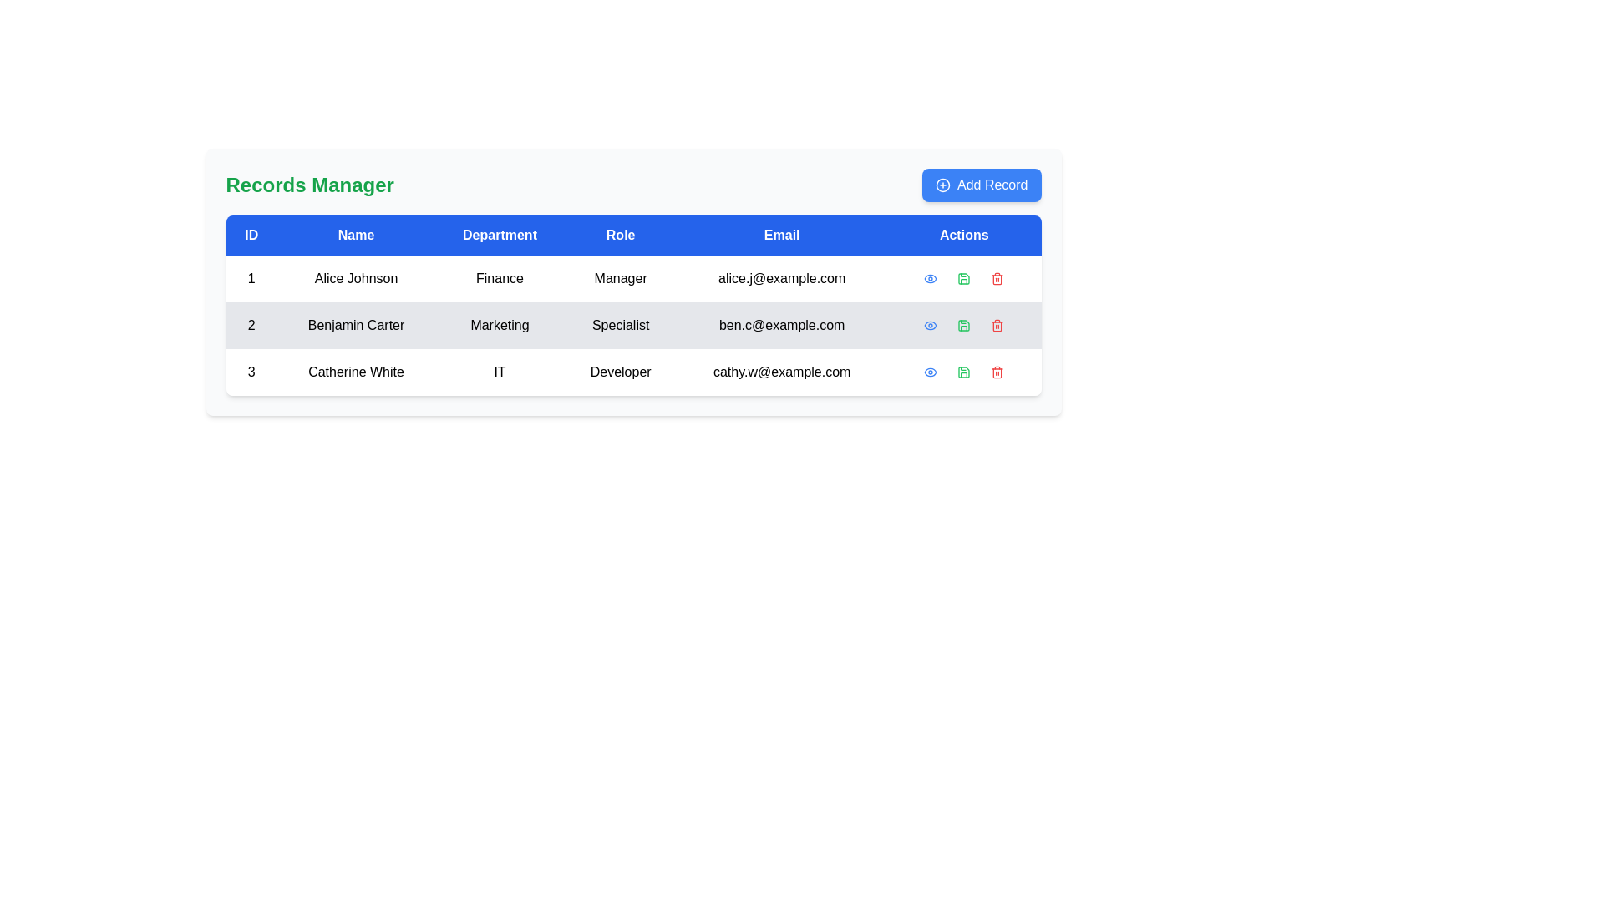 The height and width of the screenshot is (902, 1604). Describe the element at coordinates (310, 185) in the screenshot. I see `the 'Records Manager' text label, which is styled with large, bold, green text and is located in the upper-left of the interface, above the tabular data section` at that location.